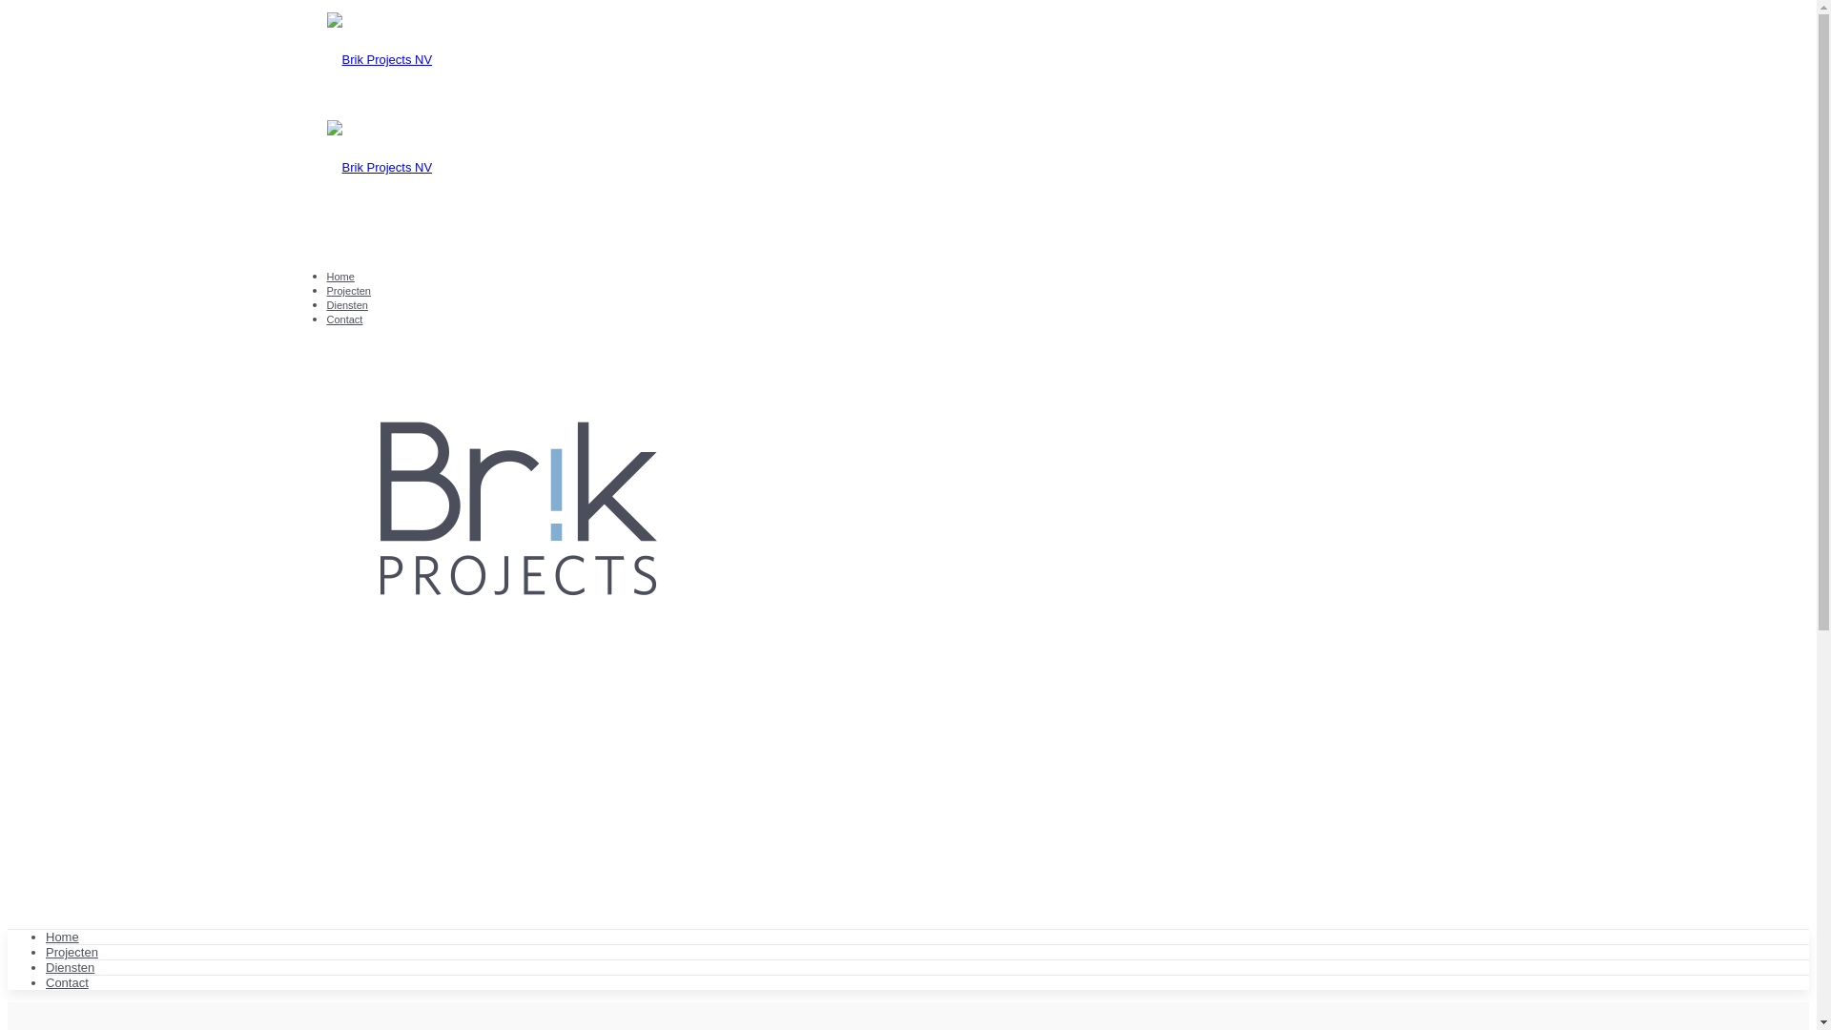  What do you see at coordinates (343, 319) in the screenshot?
I see `'Contact'` at bounding box center [343, 319].